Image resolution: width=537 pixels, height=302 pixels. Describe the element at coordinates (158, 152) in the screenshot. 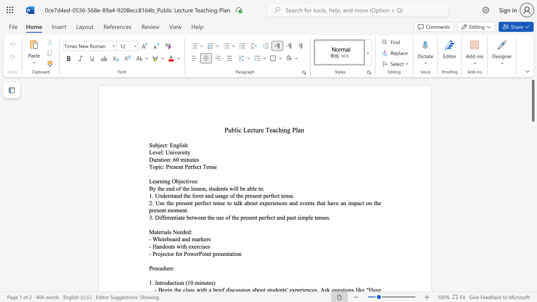

I see `the subset text "el: Univ" within the text "Level: University"` at that location.